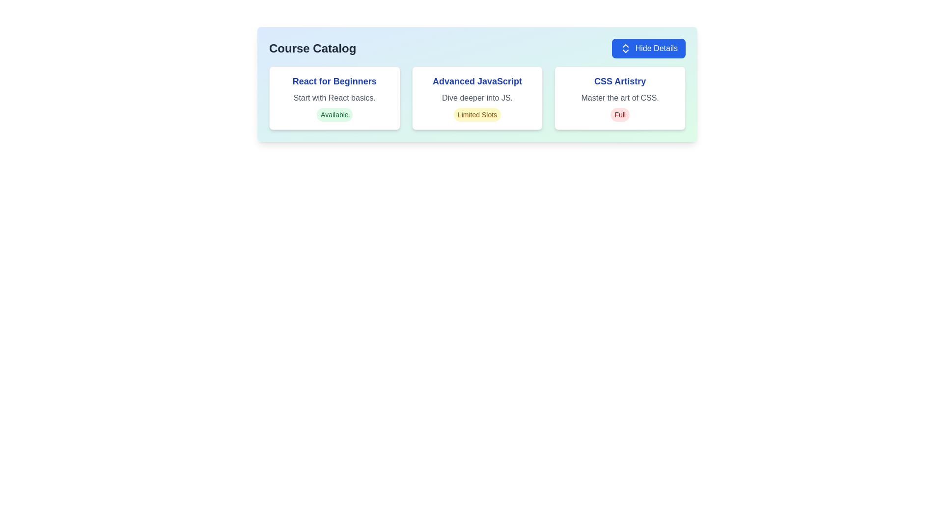  Describe the element at coordinates (312, 49) in the screenshot. I see `the Text Label that indicates the content or theme of the interface related to course offerings, positioned at the top of the visible area and to the left of the 'Hide Details' button` at that location.